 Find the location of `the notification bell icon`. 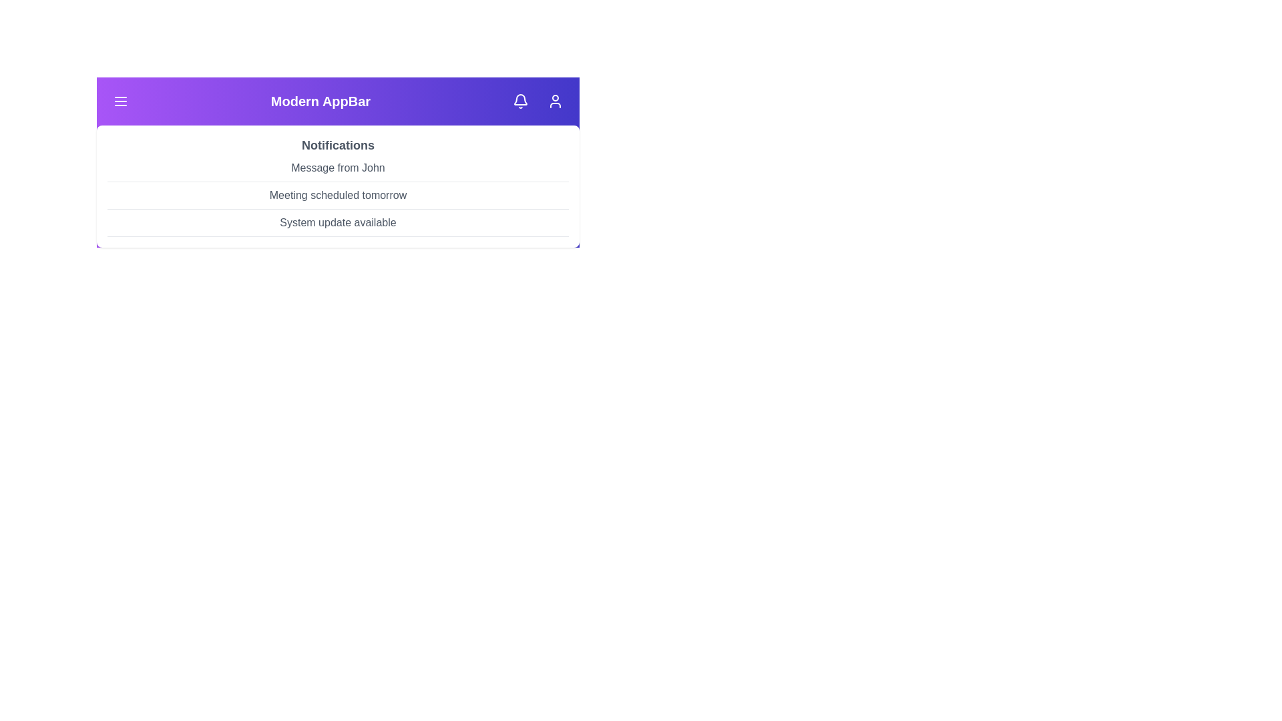

the notification bell icon is located at coordinates (519, 100).